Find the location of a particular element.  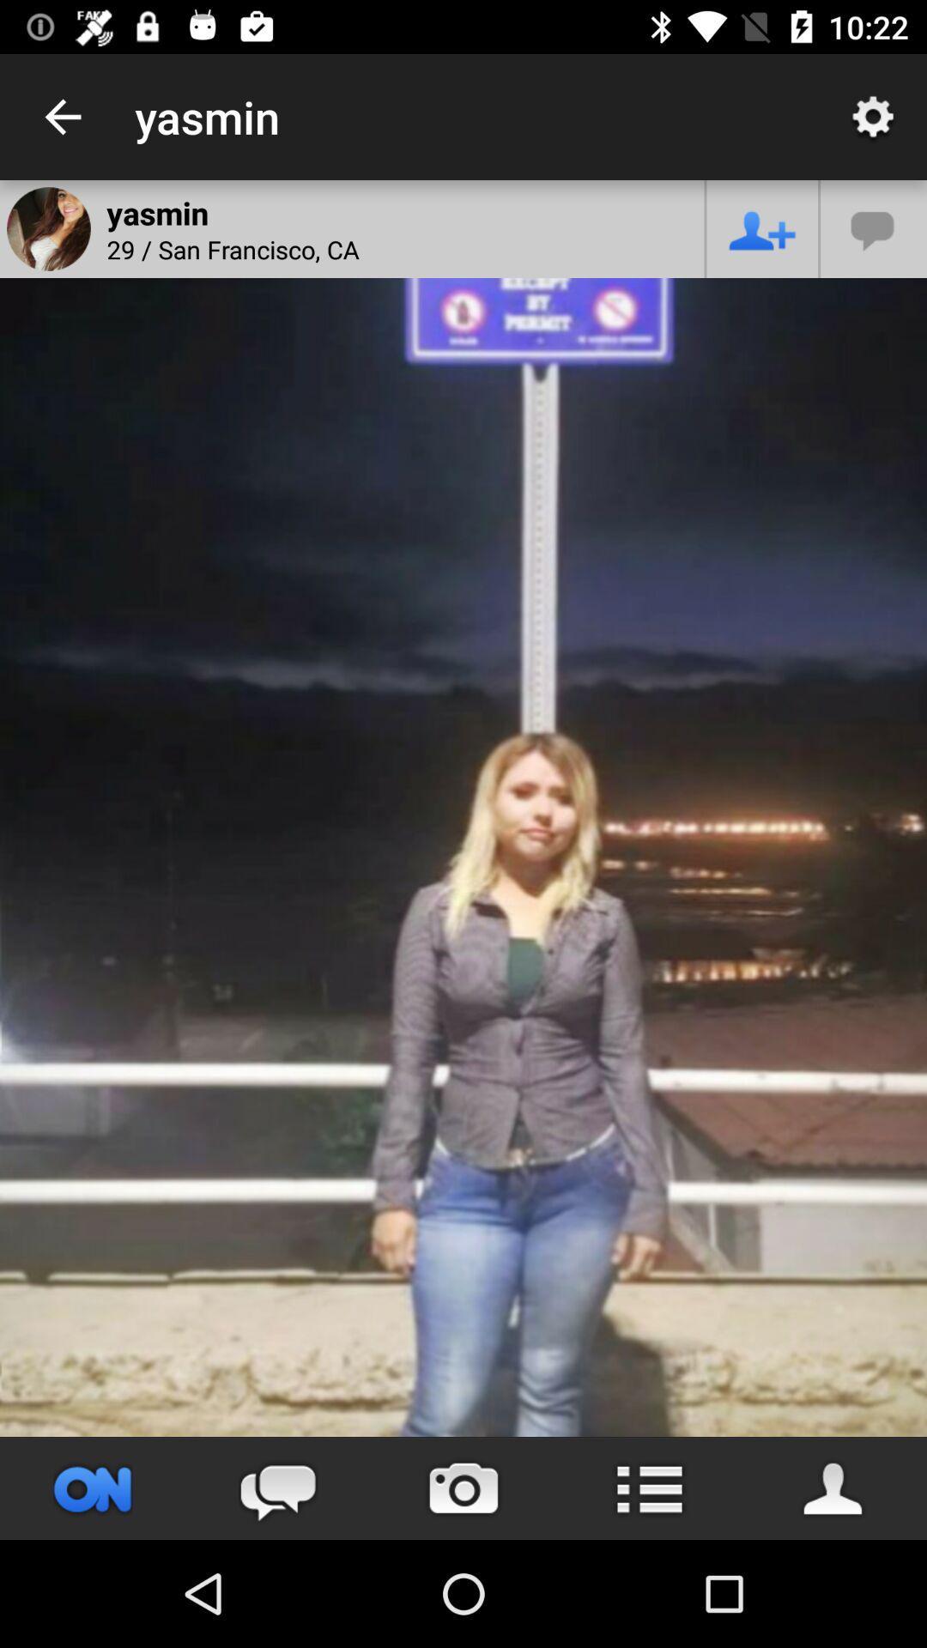

a comment is located at coordinates (874, 227).